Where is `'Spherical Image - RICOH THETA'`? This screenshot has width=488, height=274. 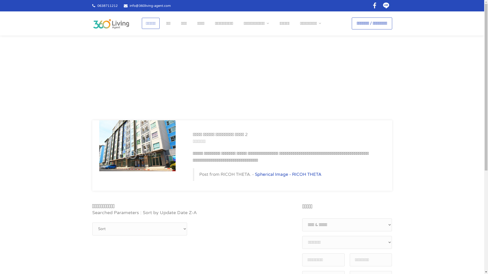
'Spherical Image - RICOH THETA' is located at coordinates (288, 174).